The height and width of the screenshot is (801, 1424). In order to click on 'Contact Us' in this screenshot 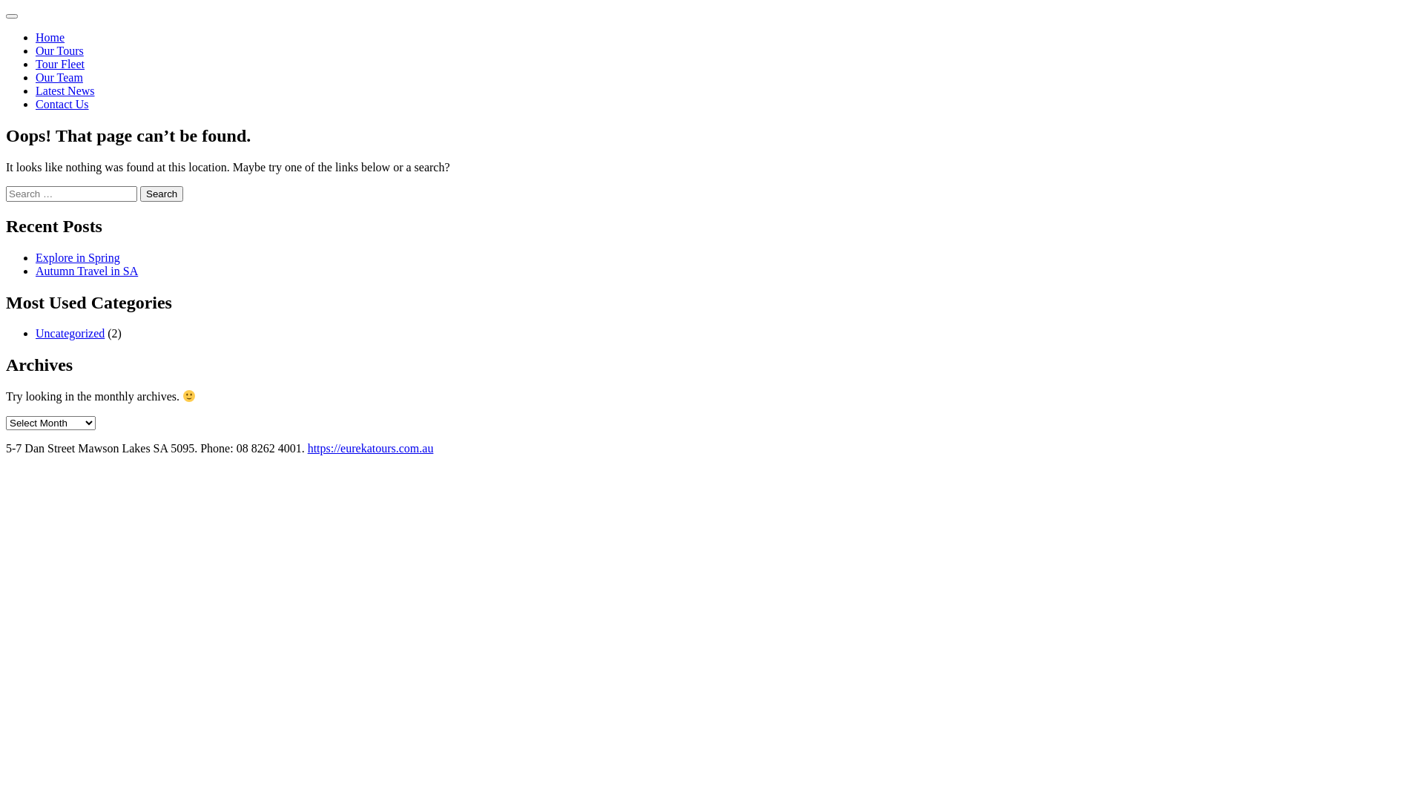, I will do `click(61, 103)`.